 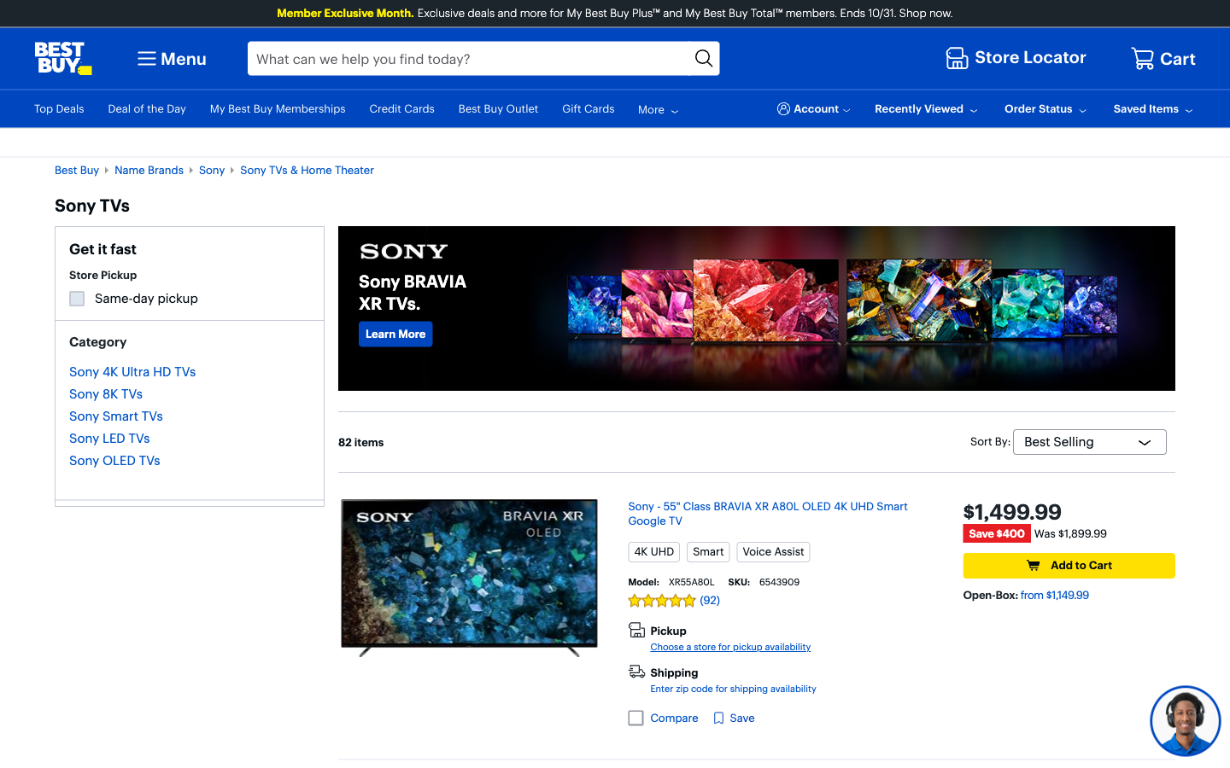 I want to click on the first item listed in the recently viewed menu, so click(x=927, y=108).